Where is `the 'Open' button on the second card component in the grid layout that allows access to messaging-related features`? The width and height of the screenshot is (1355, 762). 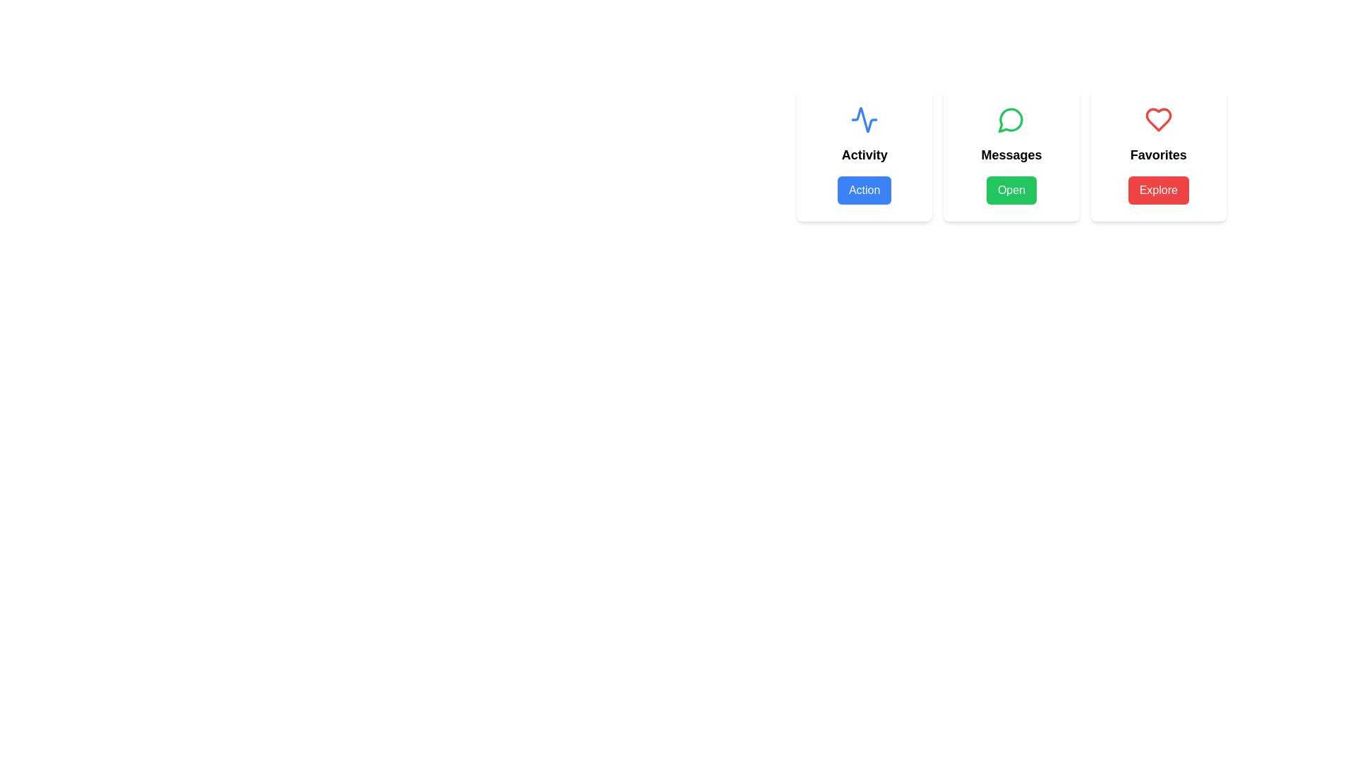 the 'Open' button on the second card component in the grid layout that allows access to messaging-related features is located at coordinates (1011, 155).